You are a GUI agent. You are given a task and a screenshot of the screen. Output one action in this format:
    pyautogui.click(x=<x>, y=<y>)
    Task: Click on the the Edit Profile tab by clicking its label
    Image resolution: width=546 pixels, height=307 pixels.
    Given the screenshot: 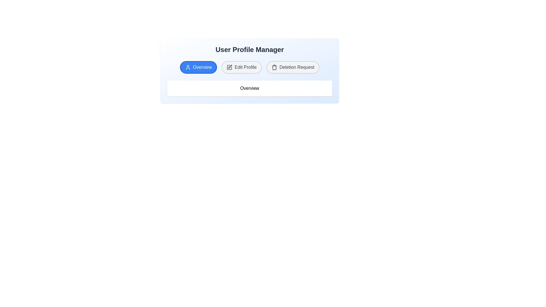 What is the action you would take?
    pyautogui.click(x=241, y=67)
    